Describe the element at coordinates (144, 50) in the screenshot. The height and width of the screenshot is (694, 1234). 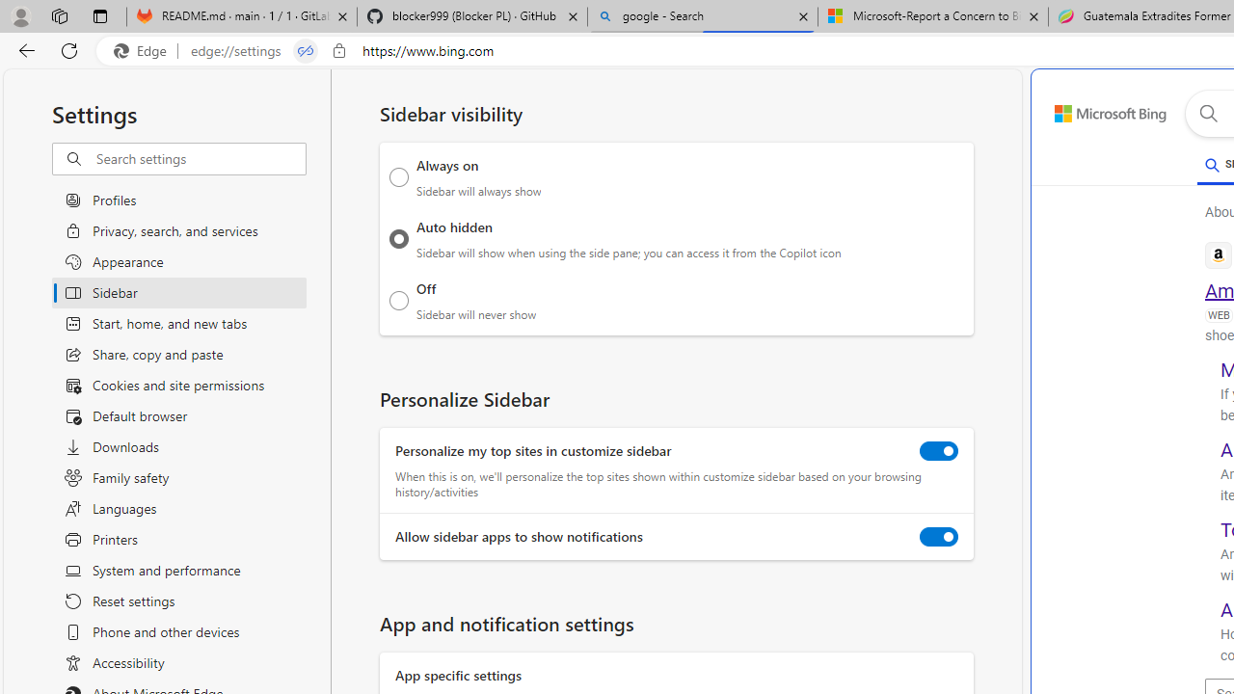
I see `'Edge'` at that location.